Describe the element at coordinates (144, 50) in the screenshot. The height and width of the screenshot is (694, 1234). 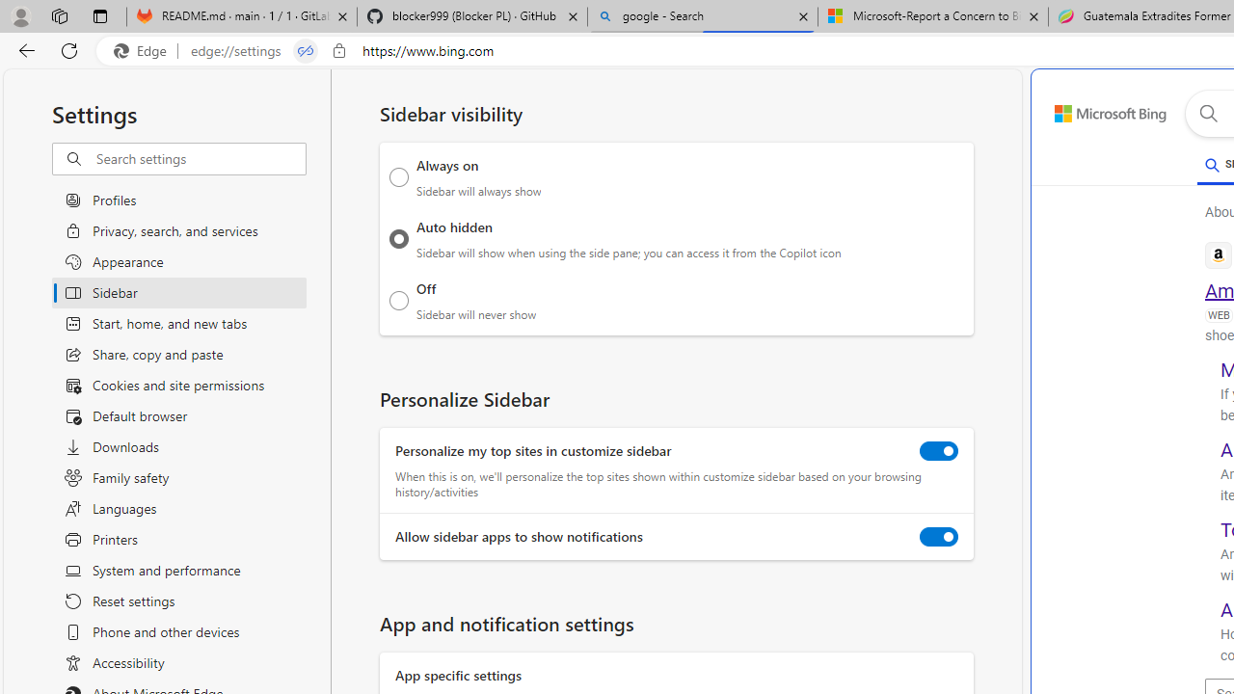
I see `'Edge'` at that location.